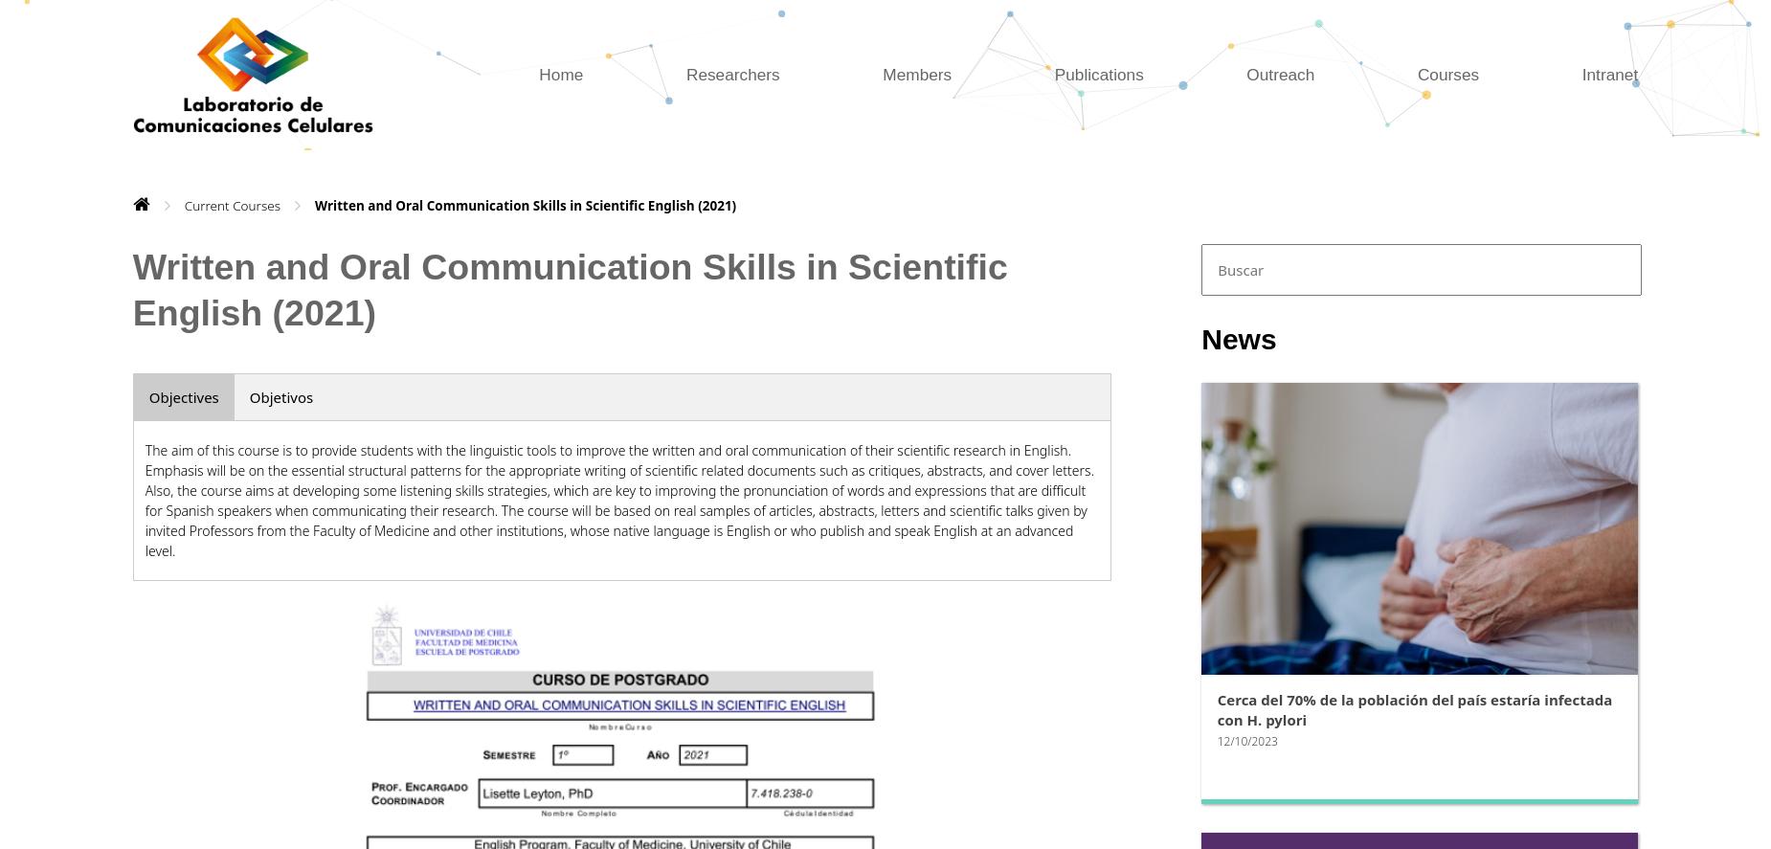 This screenshot has height=849, width=1771. What do you see at coordinates (182, 395) in the screenshot?
I see `'Objectives'` at bounding box center [182, 395].